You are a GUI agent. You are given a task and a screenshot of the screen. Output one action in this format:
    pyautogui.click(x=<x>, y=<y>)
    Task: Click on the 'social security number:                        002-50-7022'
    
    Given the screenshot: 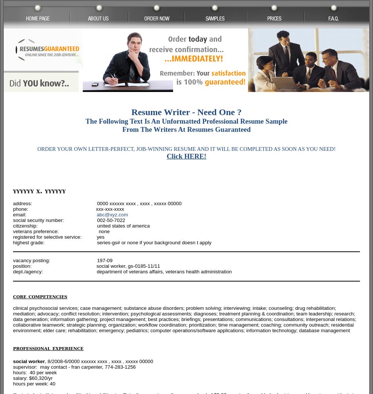 What is the action you would take?
    pyautogui.click(x=69, y=220)
    